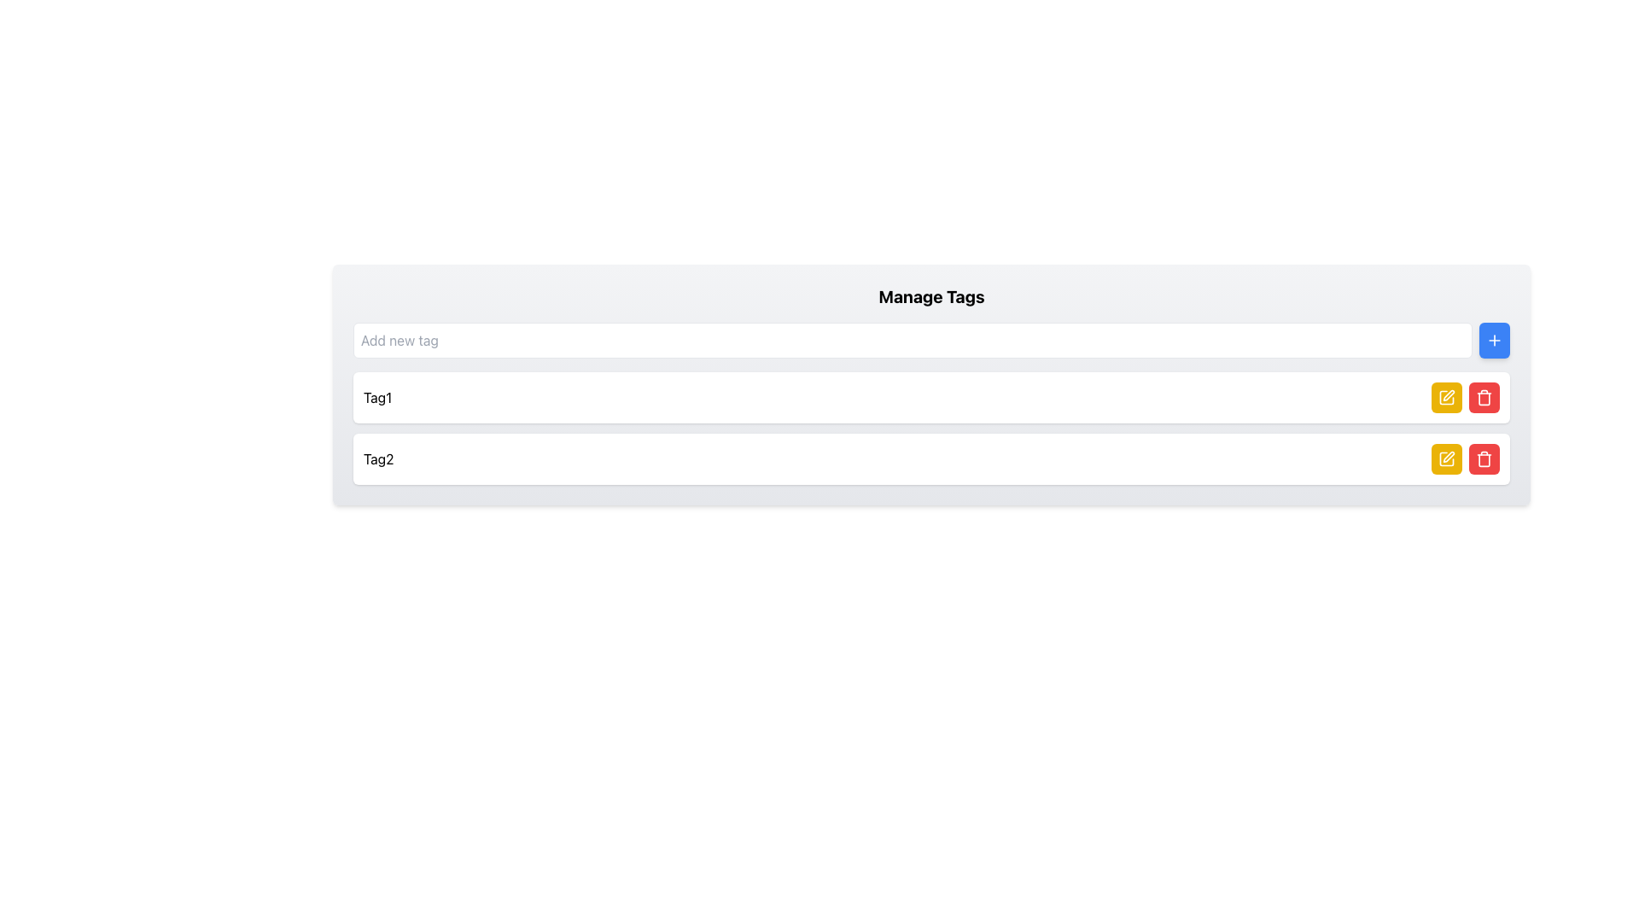  Describe the element at coordinates (1483, 398) in the screenshot. I see `the second action button used` at that location.